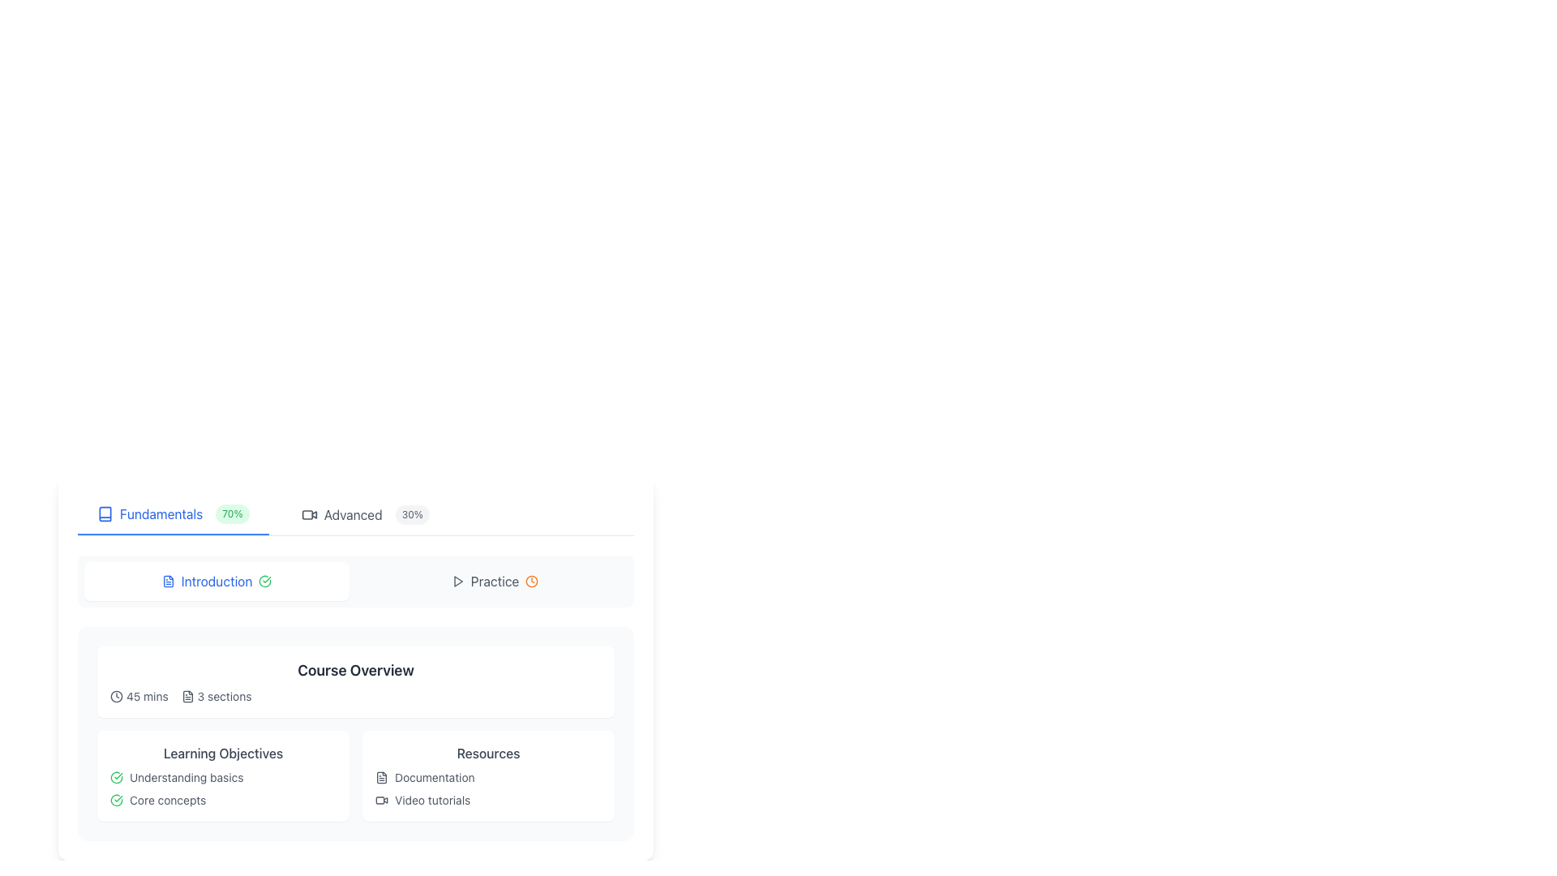 This screenshot has width=1557, height=876. What do you see at coordinates (168, 800) in the screenshot?
I see `the 'Core concepts' text label located in the 'Learning Objectives' section, which is the second item below 'Understanding basics' and positioned to the right of a checkmark icon` at bounding box center [168, 800].